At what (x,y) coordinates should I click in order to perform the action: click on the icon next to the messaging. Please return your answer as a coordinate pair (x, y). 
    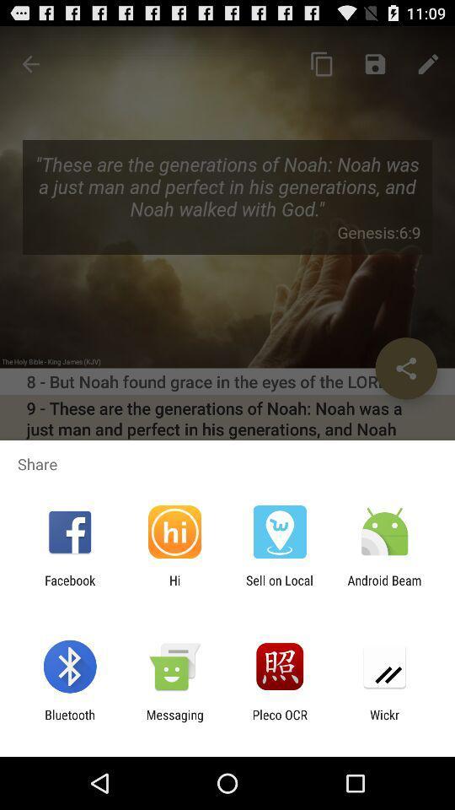
    Looking at the image, I should click on (69, 721).